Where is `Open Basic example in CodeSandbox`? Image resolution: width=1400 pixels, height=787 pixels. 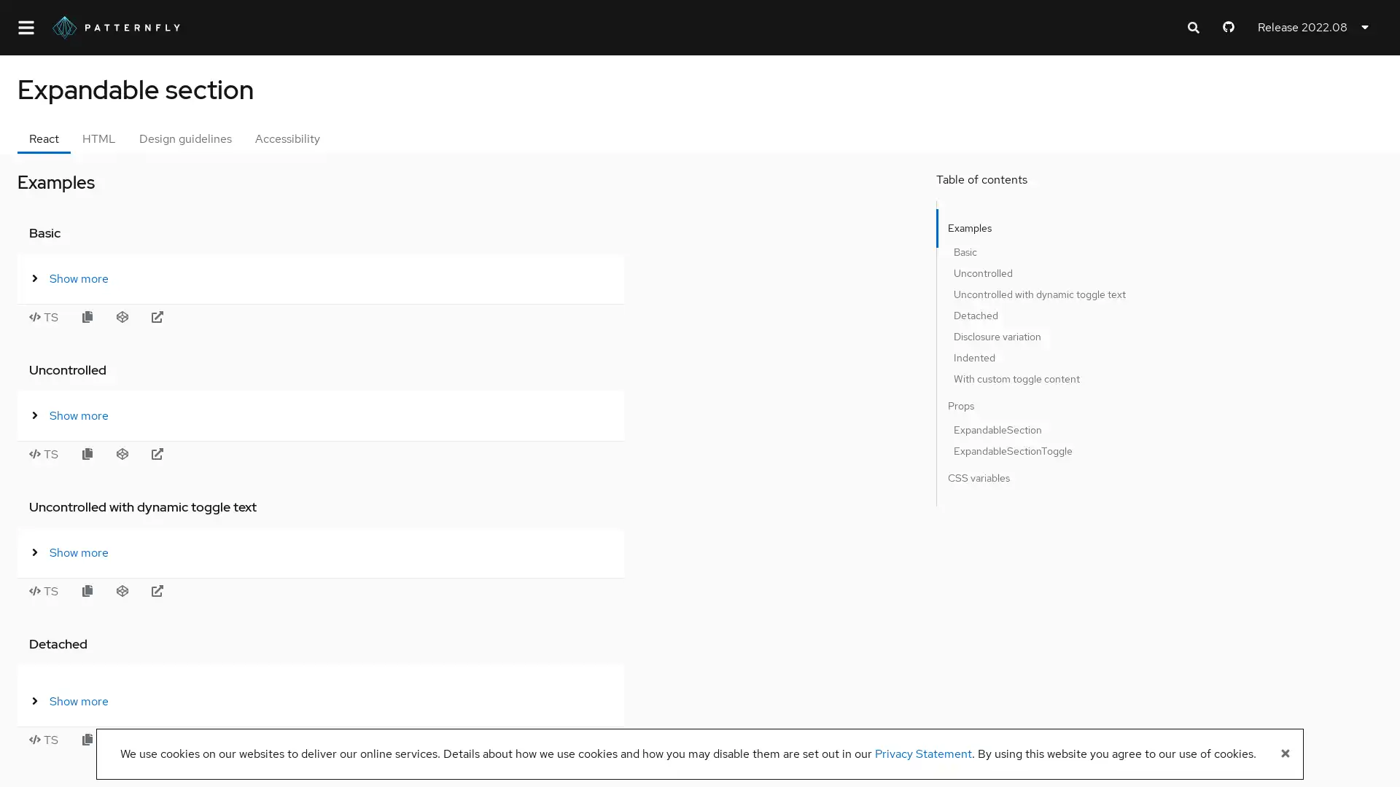
Open Basic example in CodeSandbox is located at coordinates (332, 316).